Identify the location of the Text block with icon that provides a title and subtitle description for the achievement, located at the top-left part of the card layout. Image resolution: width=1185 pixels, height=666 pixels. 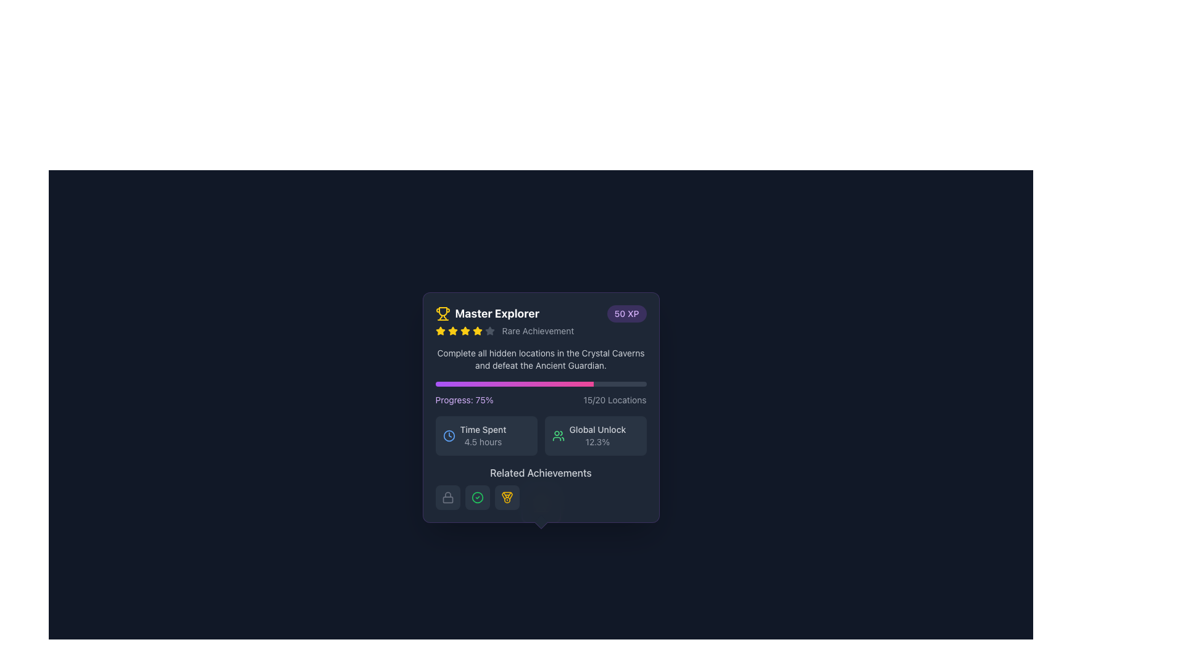
(504, 320).